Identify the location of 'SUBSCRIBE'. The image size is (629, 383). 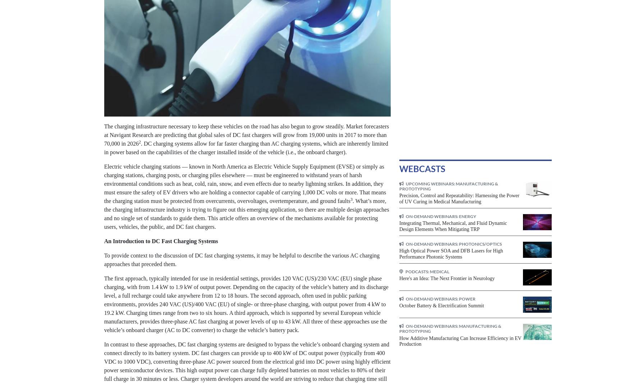
(257, 57).